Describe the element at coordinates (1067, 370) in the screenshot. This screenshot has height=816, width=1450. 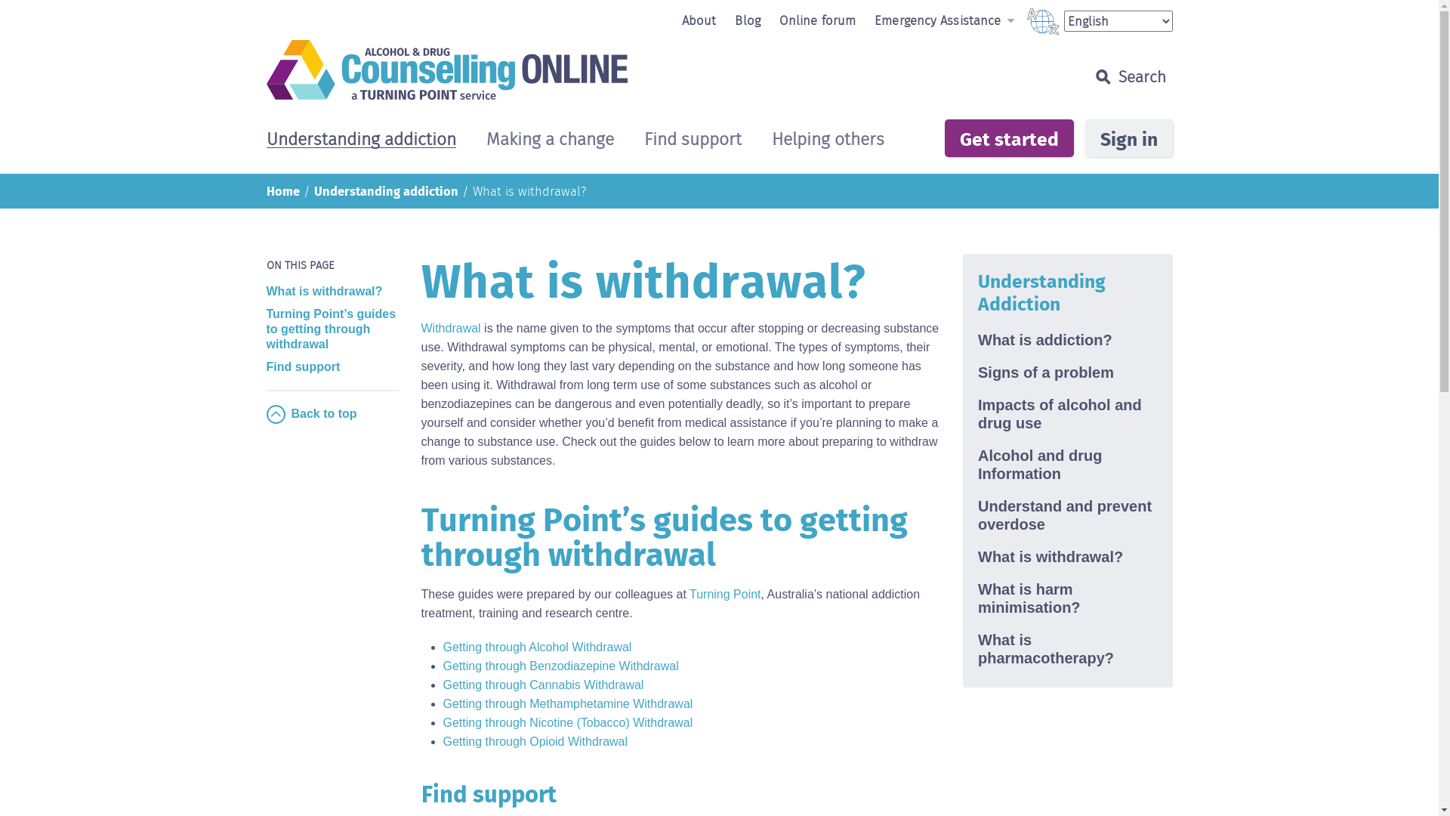
I see `'Signs of a problem'` at that location.